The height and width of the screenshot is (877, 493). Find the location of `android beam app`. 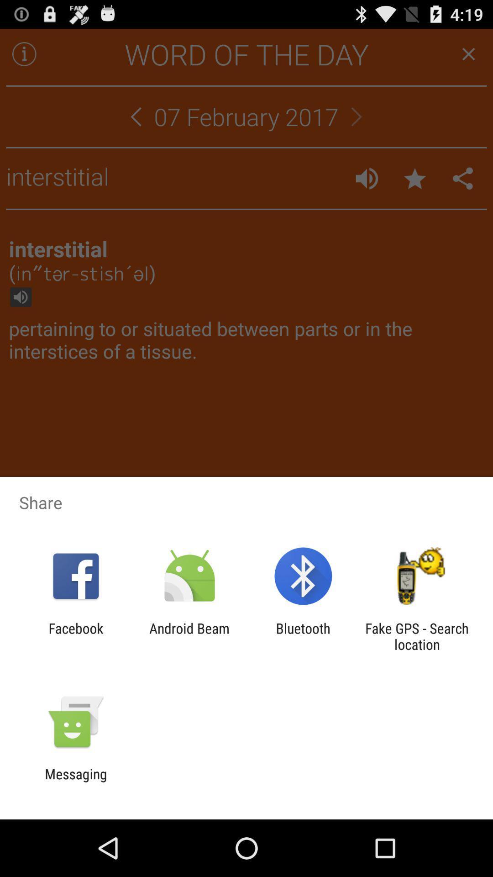

android beam app is located at coordinates (189, 636).